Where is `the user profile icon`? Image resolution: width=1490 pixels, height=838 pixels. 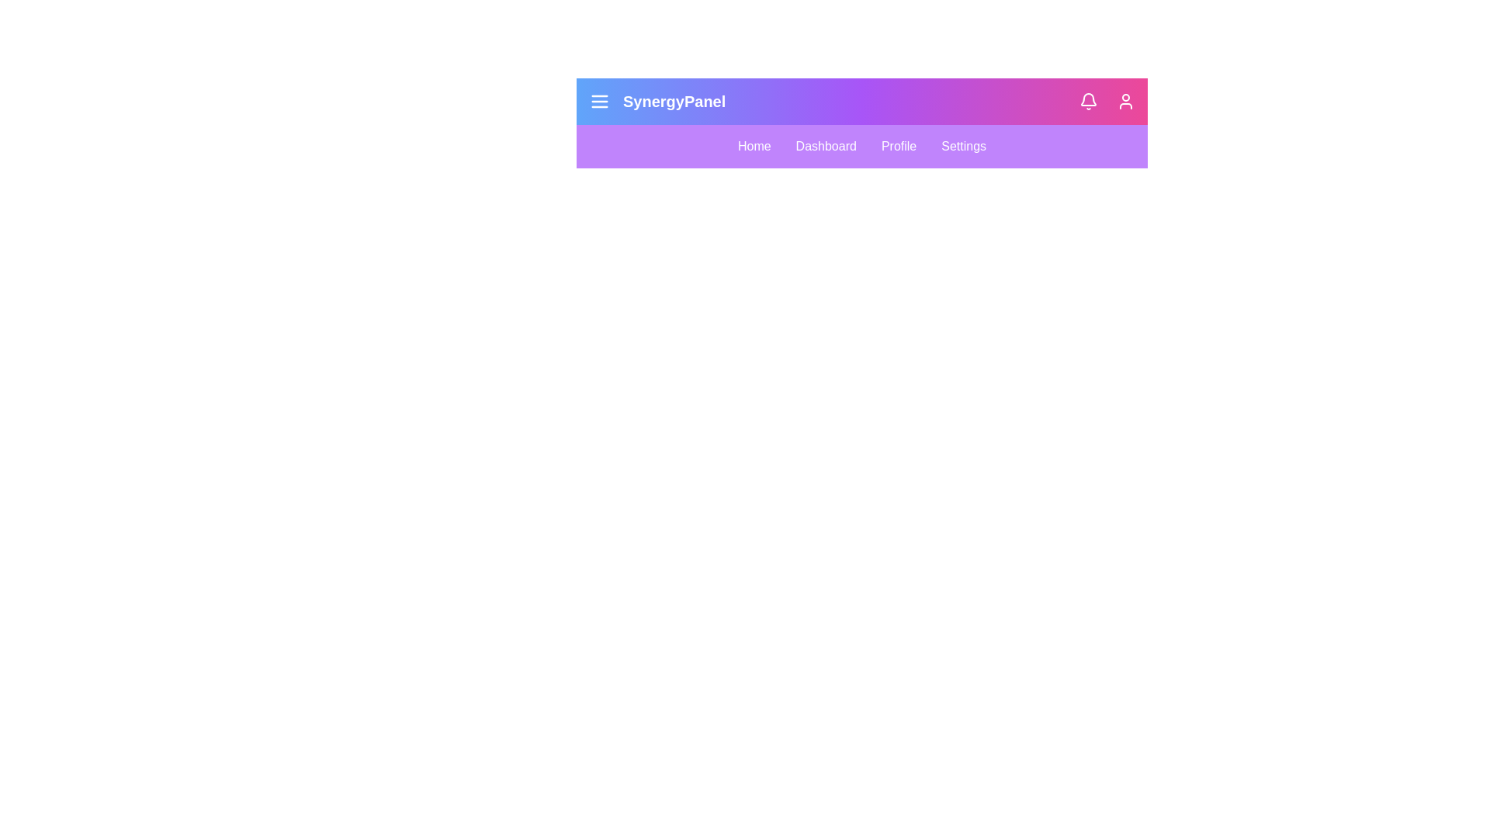 the user profile icon is located at coordinates (1125, 102).